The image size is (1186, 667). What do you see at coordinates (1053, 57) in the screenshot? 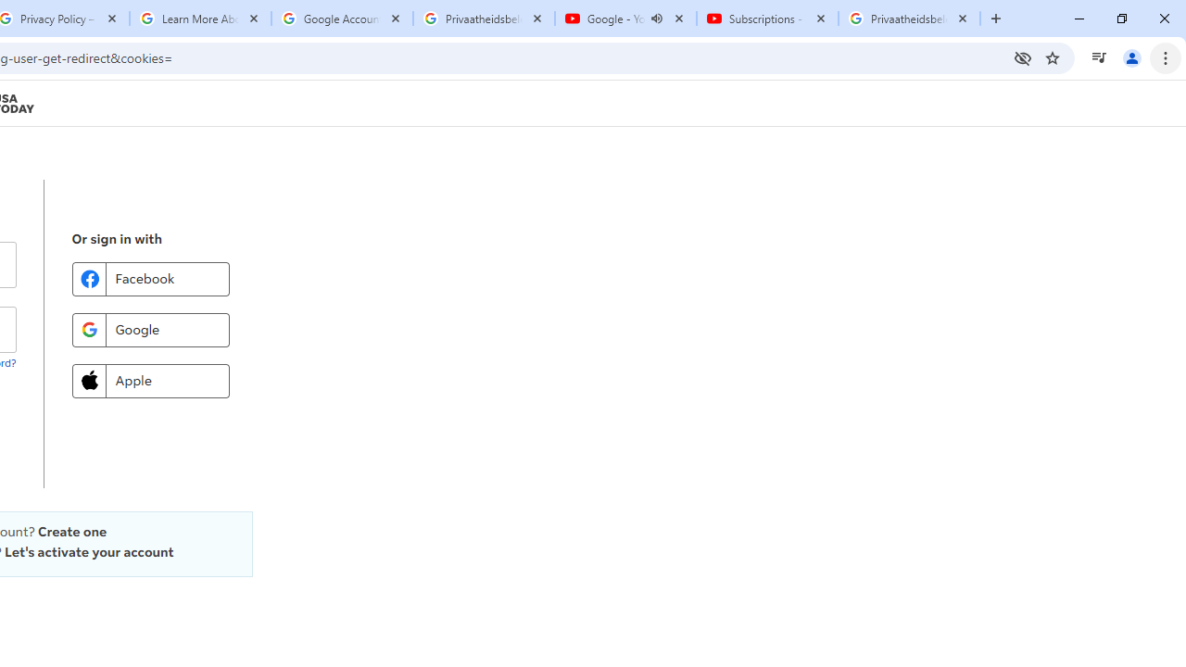
I see `'Bookmark this tab'` at bounding box center [1053, 57].